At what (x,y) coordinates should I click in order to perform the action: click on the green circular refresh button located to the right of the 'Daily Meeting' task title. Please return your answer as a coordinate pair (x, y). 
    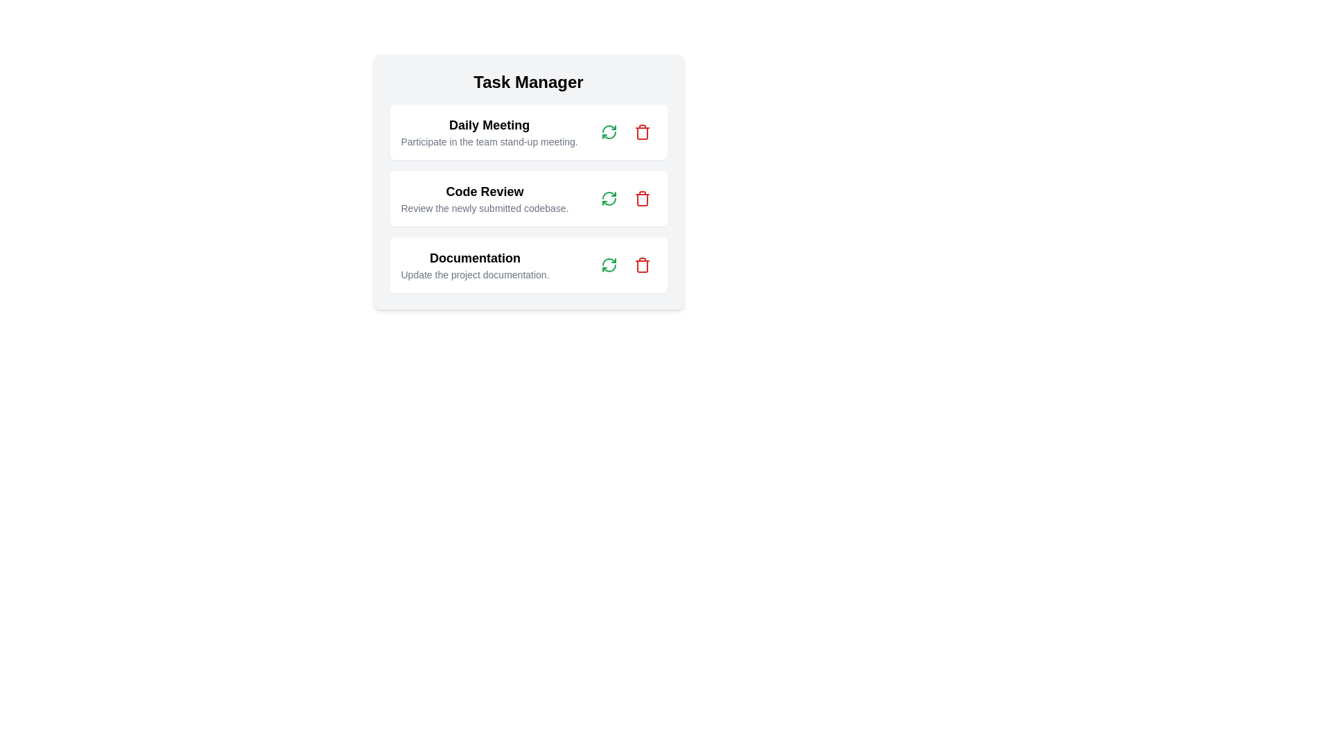
    Looking at the image, I should click on (609, 132).